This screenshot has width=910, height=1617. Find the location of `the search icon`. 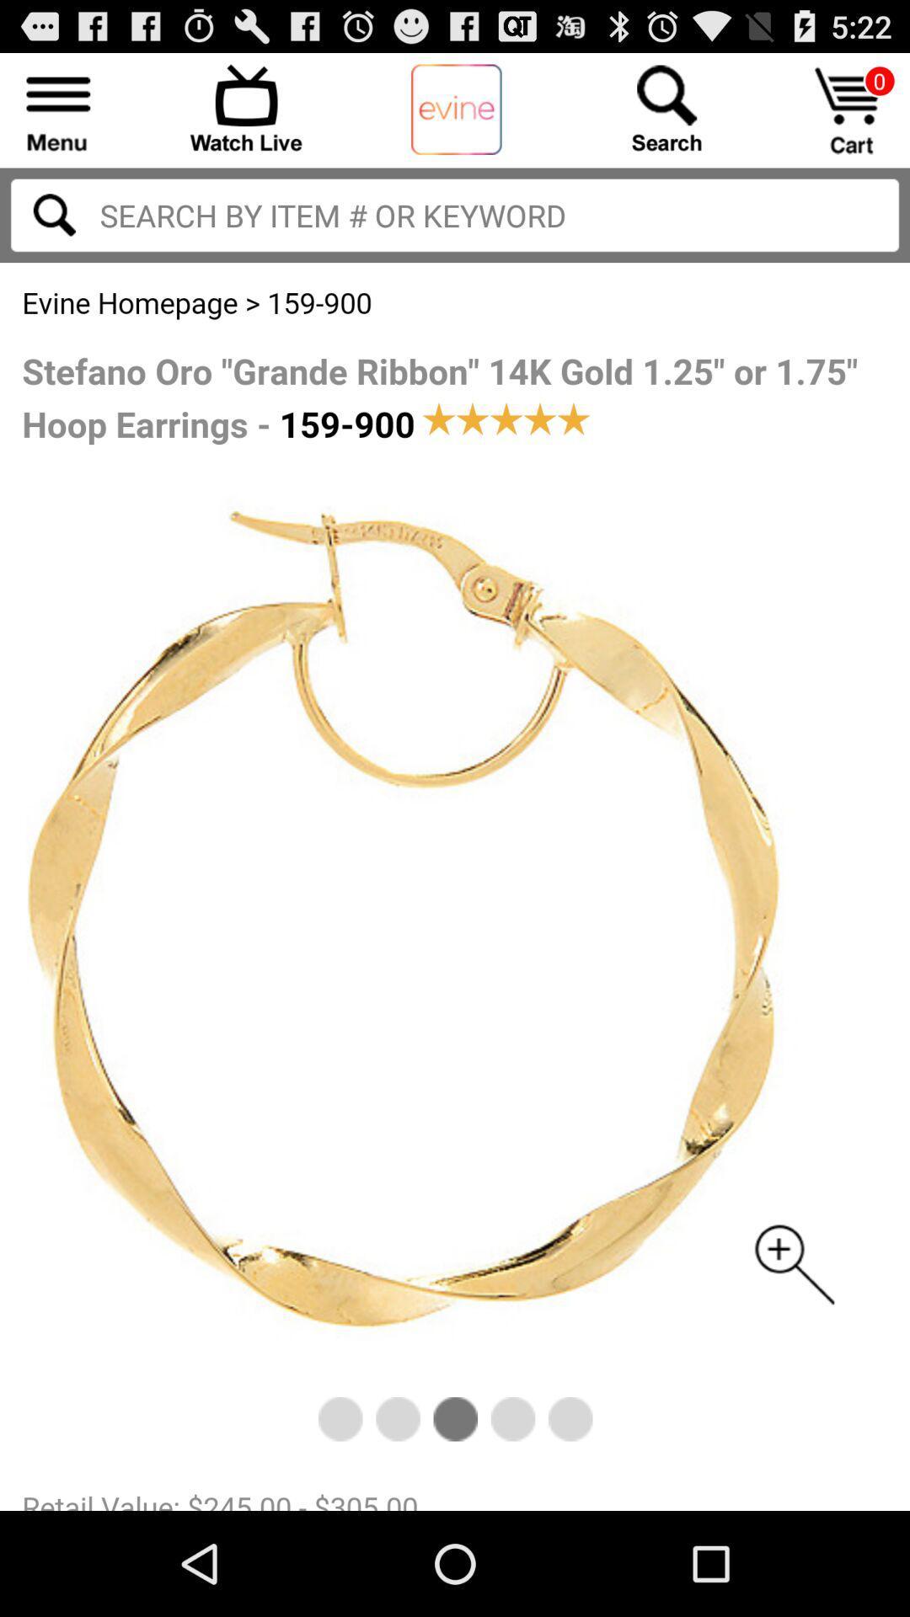

the search icon is located at coordinates (53, 229).